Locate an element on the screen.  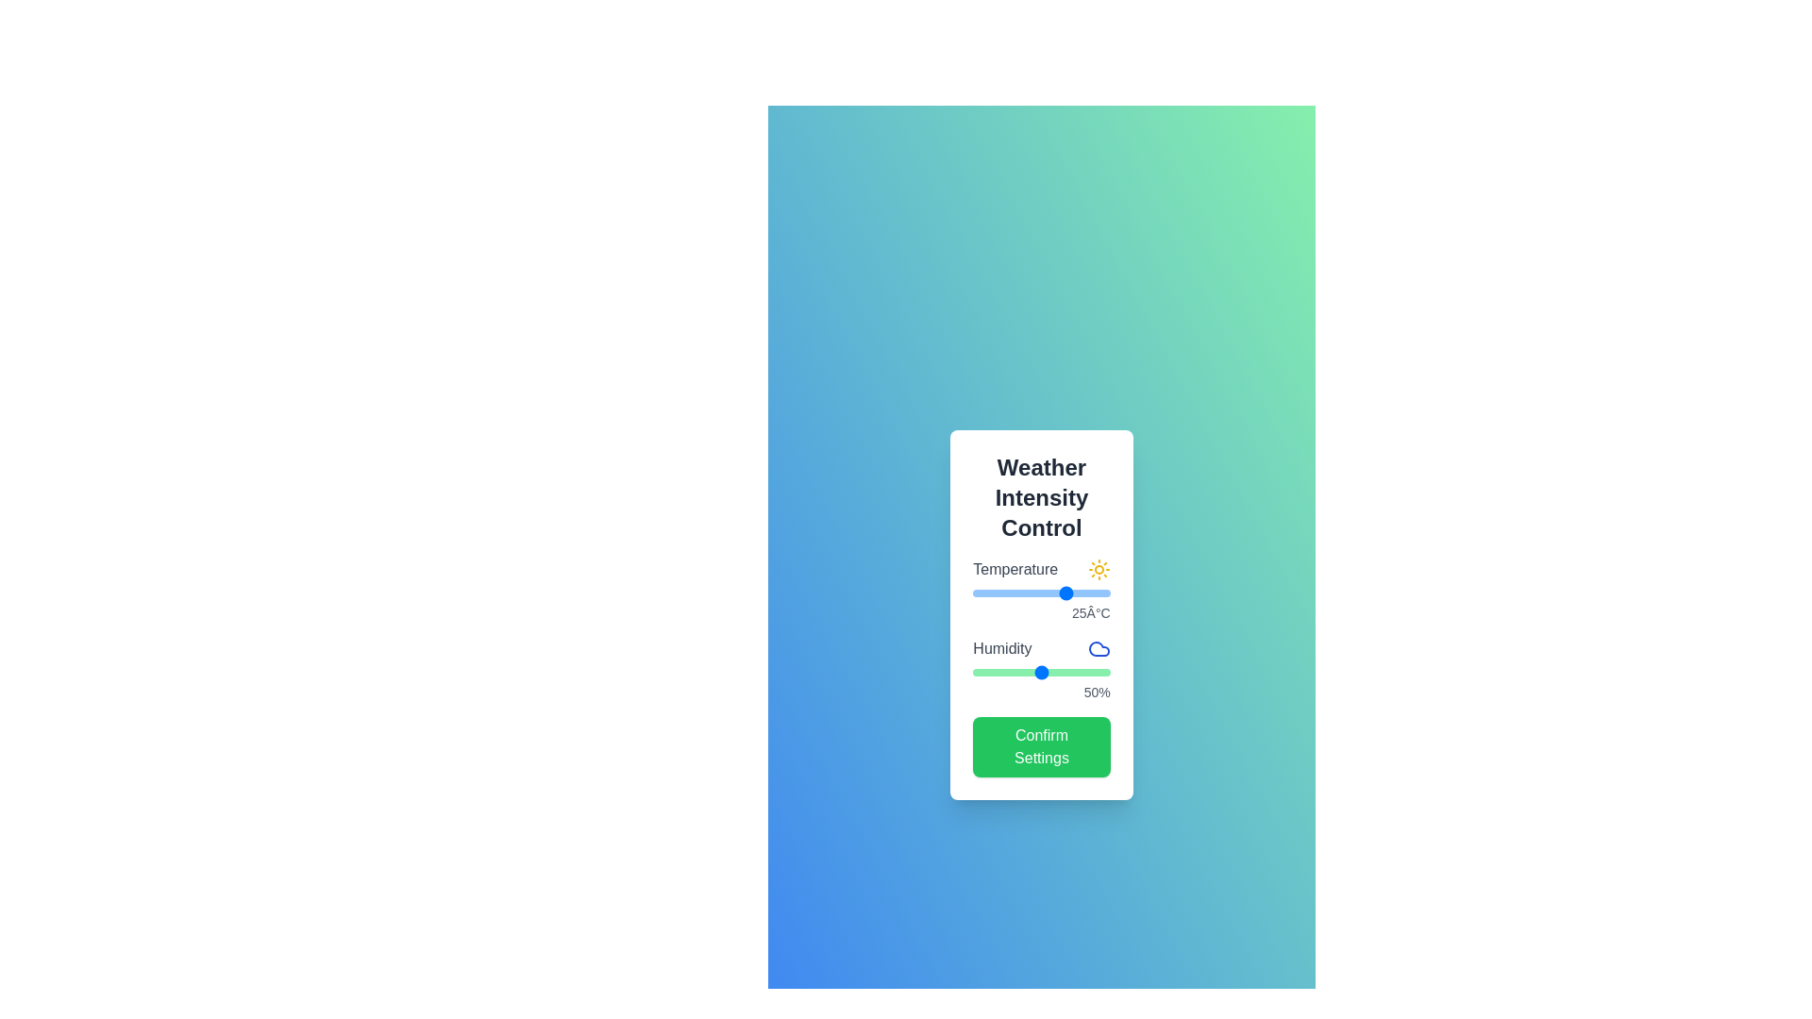
the humidity slider to 97% is located at coordinates (1106, 672).